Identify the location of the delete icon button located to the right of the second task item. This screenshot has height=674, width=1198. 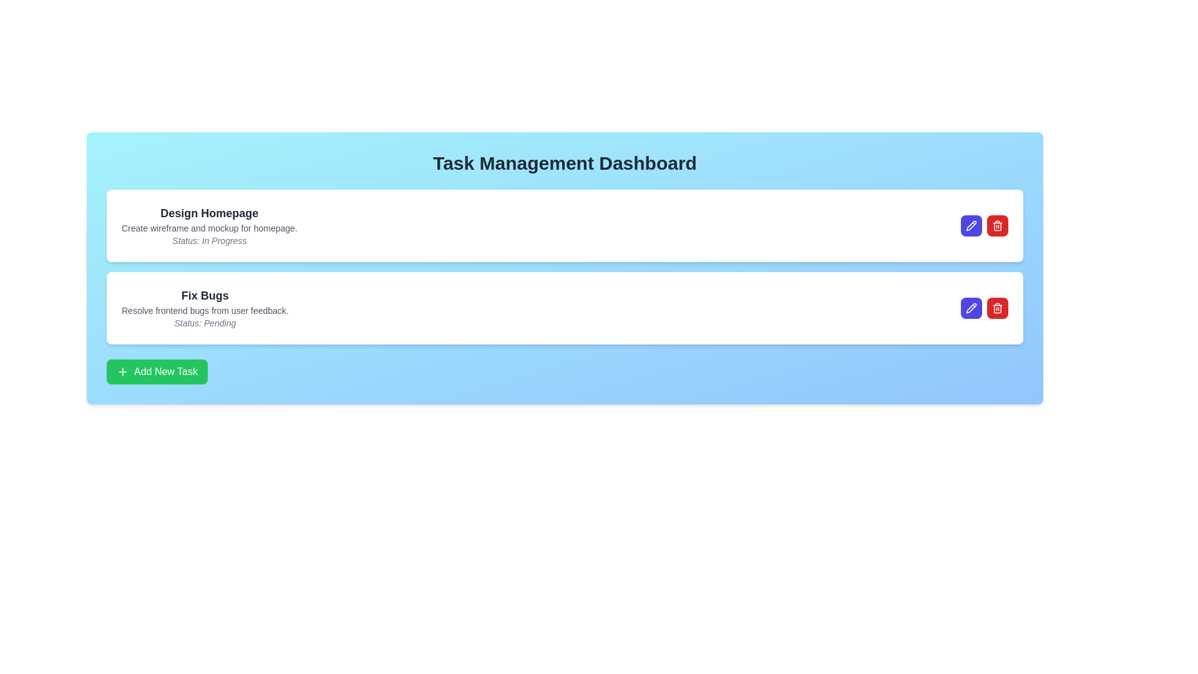
(996, 226).